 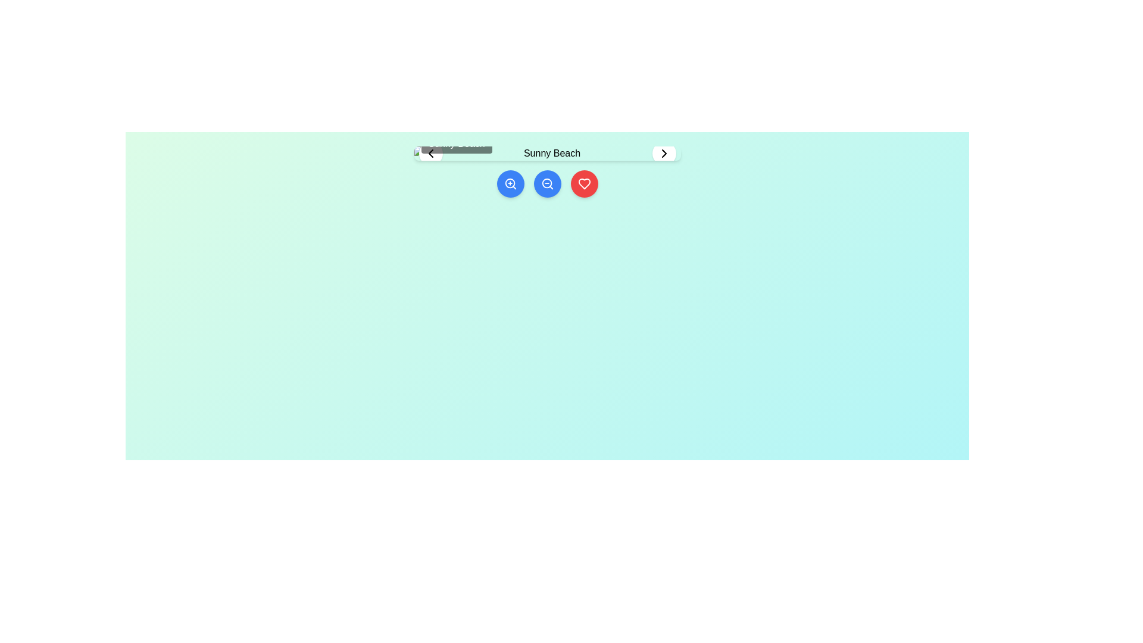 I want to click on the leftward arrow icon button, which is a small black outlined chevron within a circular white background, so click(x=430, y=153).